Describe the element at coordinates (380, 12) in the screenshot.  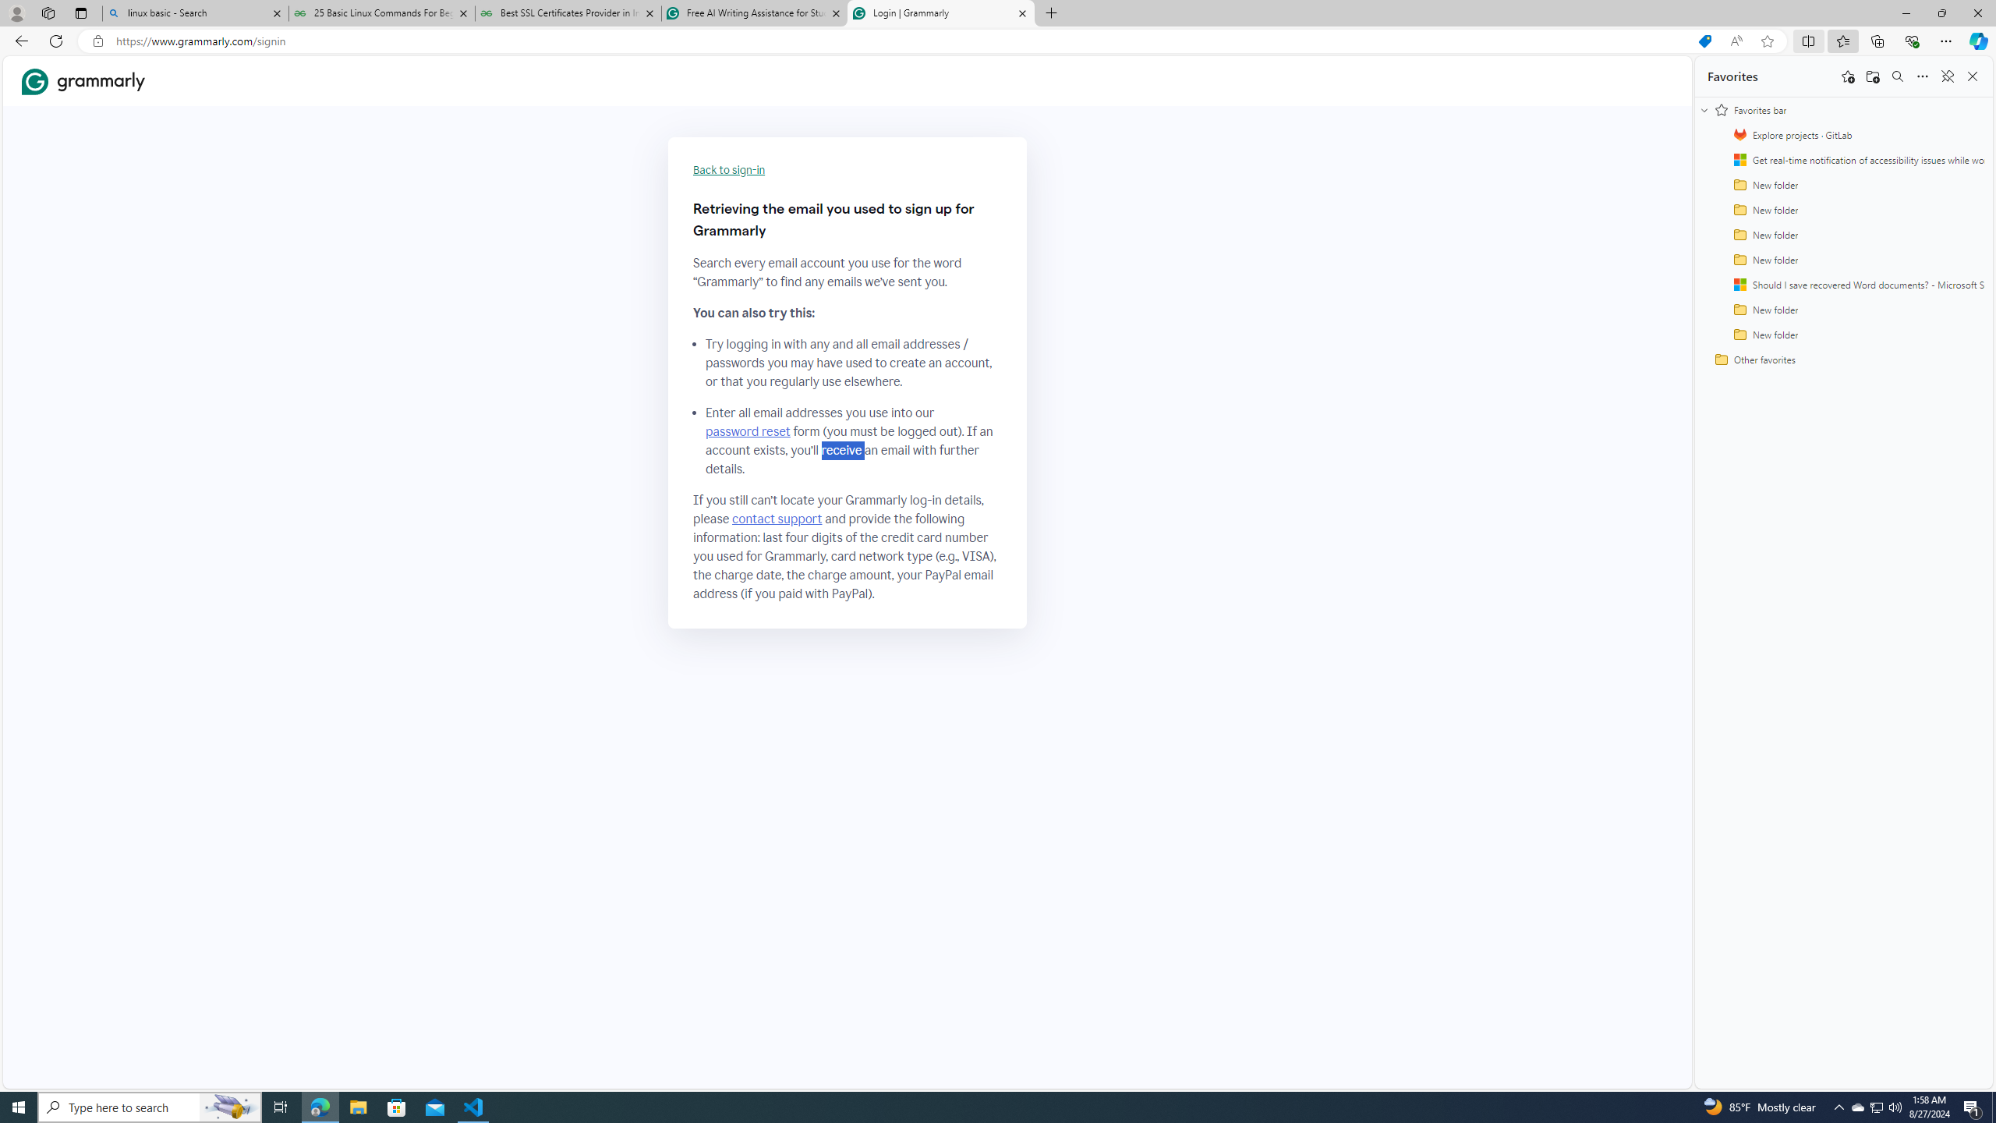
I see `'25 Basic Linux Commands For Beginners - GeeksforGeeks'` at that location.